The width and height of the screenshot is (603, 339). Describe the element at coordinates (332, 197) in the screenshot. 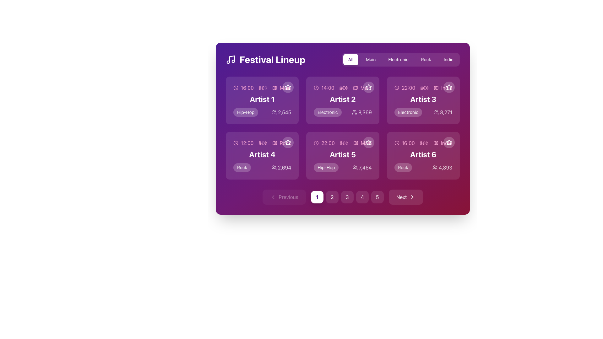

I see `the circular button labeled '2' located centrally at the bottom of the content panel` at that location.